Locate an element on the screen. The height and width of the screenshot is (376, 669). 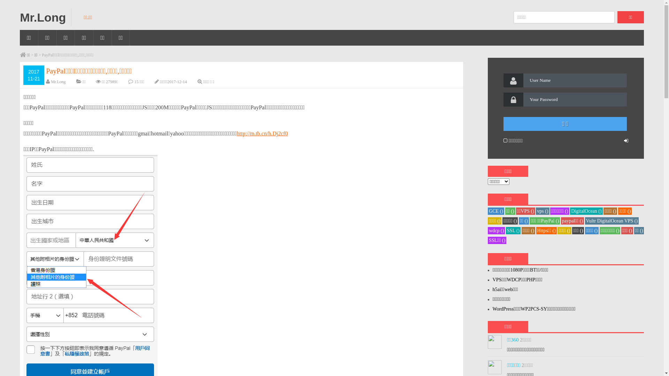
'vps ()' is located at coordinates (542, 211).